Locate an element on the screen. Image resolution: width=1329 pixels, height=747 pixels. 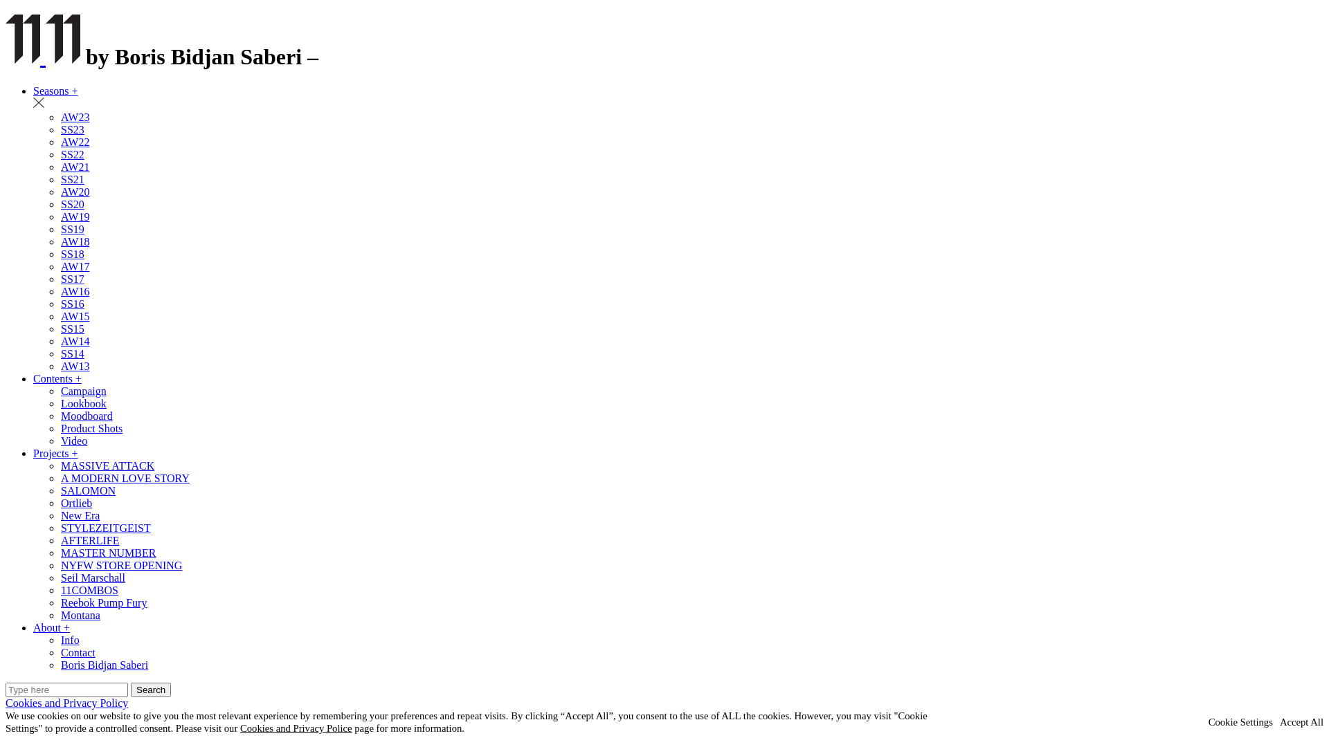
'Cookies and Privacy Police' is located at coordinates (295, 728).